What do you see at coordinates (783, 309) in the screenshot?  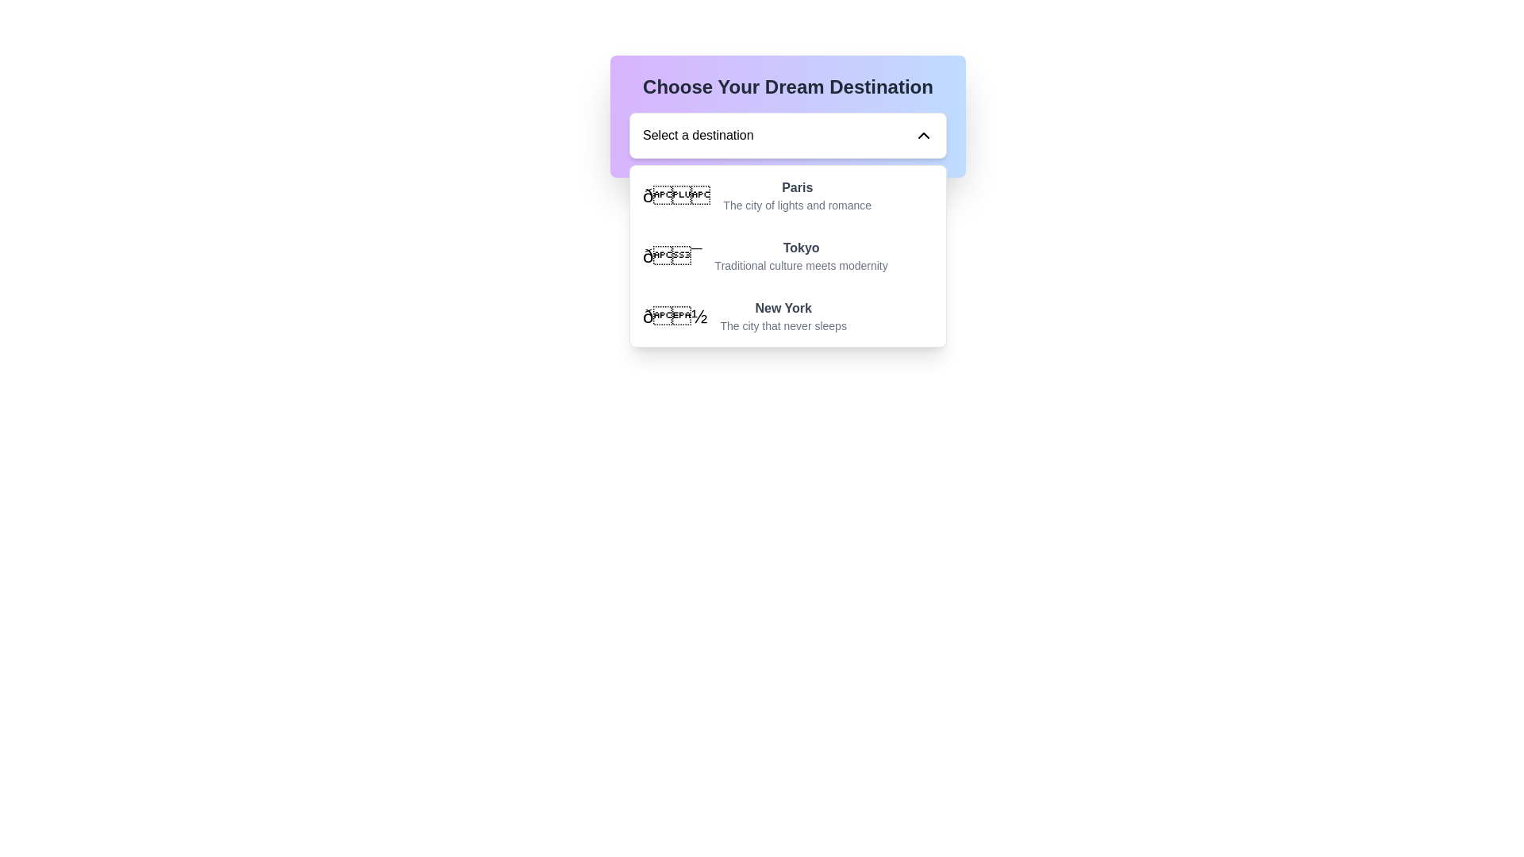 I see `the static text label for the city name located in the lower section of the dropdown menu under 'New YorkThe city that never sleeps', specifically the third option above 'The city that never sleeps'` at bounding box center [783, 309].